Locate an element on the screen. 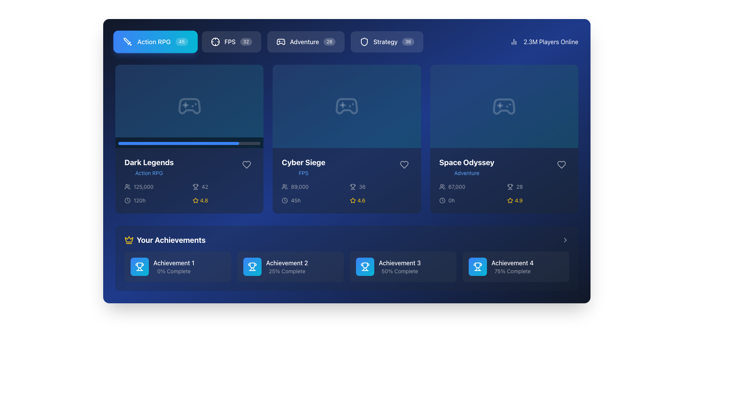 Image resolution: width=731 pixels, height=411 pixels. the game controller icon located to the left of the text 'Adventure' and the number '28' within the 'Adventure' button in the top center section of the interface is located at coordinates (280, 42).